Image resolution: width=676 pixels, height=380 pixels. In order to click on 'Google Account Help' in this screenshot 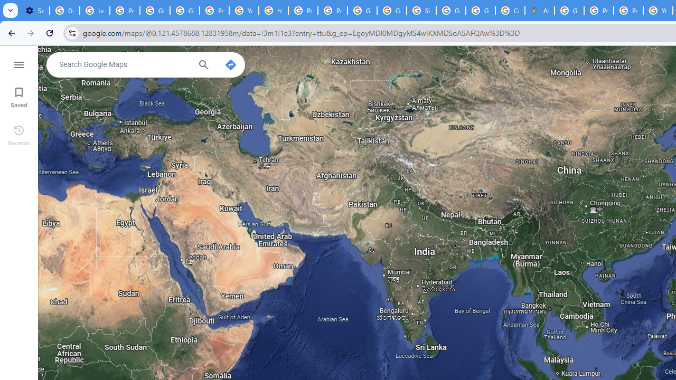, I will do `click(185, 11)`.